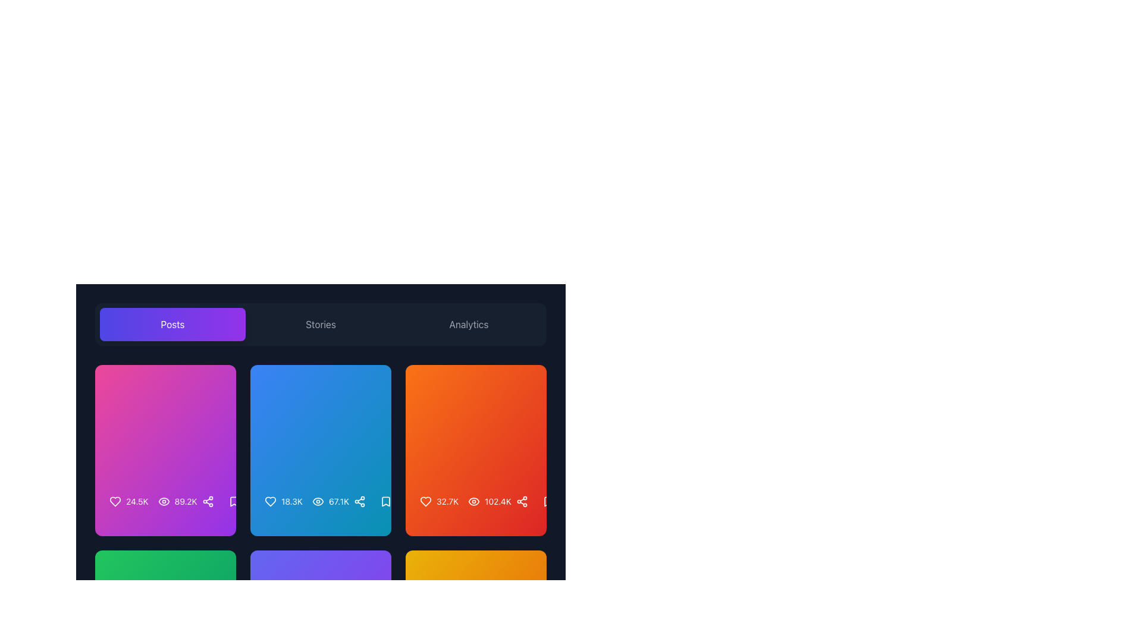  I want to click on the outer ellipse of the eye-shaped glyph in the SVG icon, which is part of a minimalistic design displayed within a UI component, so click(318, 502).